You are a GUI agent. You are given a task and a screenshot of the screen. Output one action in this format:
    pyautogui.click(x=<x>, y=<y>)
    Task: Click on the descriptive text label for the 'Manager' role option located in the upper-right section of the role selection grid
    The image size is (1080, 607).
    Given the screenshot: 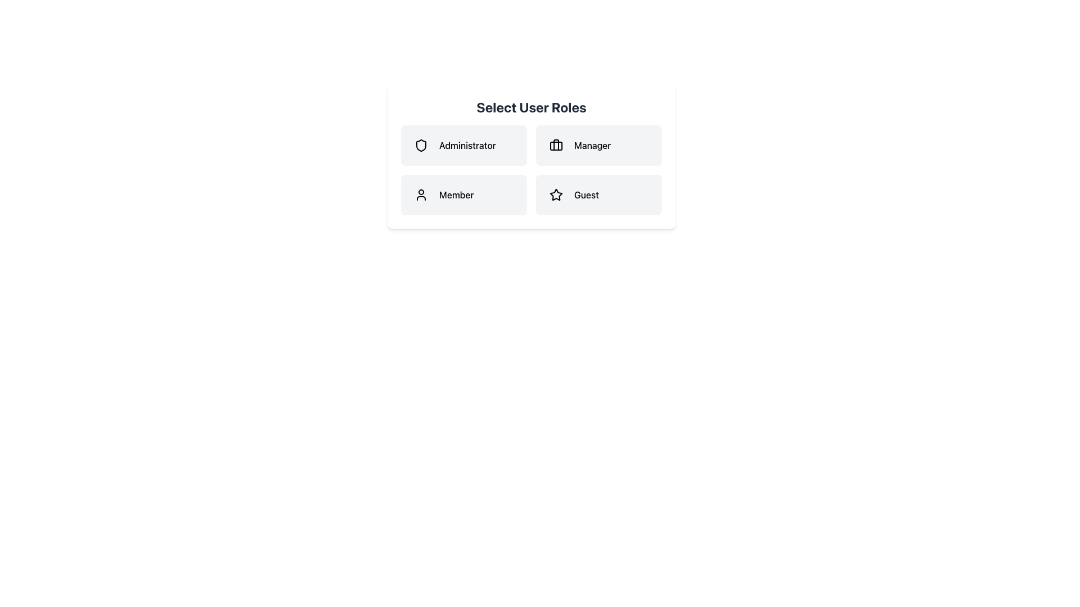 What is the action you would take?
    pyautogui.click(x=592, y=144)
    